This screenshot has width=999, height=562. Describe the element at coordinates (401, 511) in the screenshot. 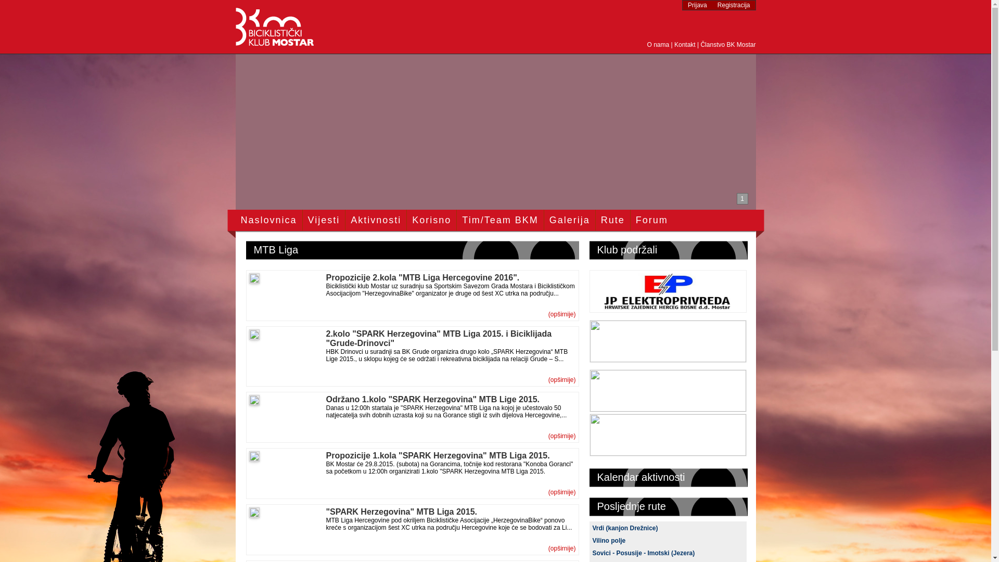

I see `'"SPARK Herzegovina" MTB Liga 2015.'` at that location.